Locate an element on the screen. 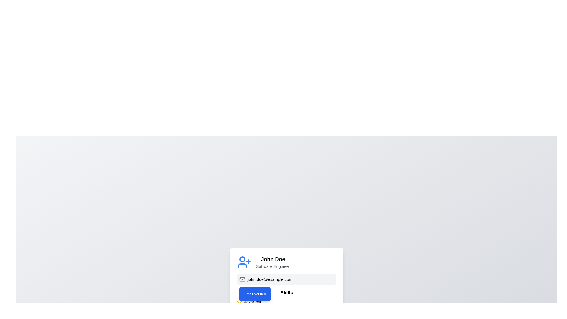  the bold text label reading 'Skills' positioned beneath the user's email address, serving as a heading for the list that follows is located at coordinates (286, 293).